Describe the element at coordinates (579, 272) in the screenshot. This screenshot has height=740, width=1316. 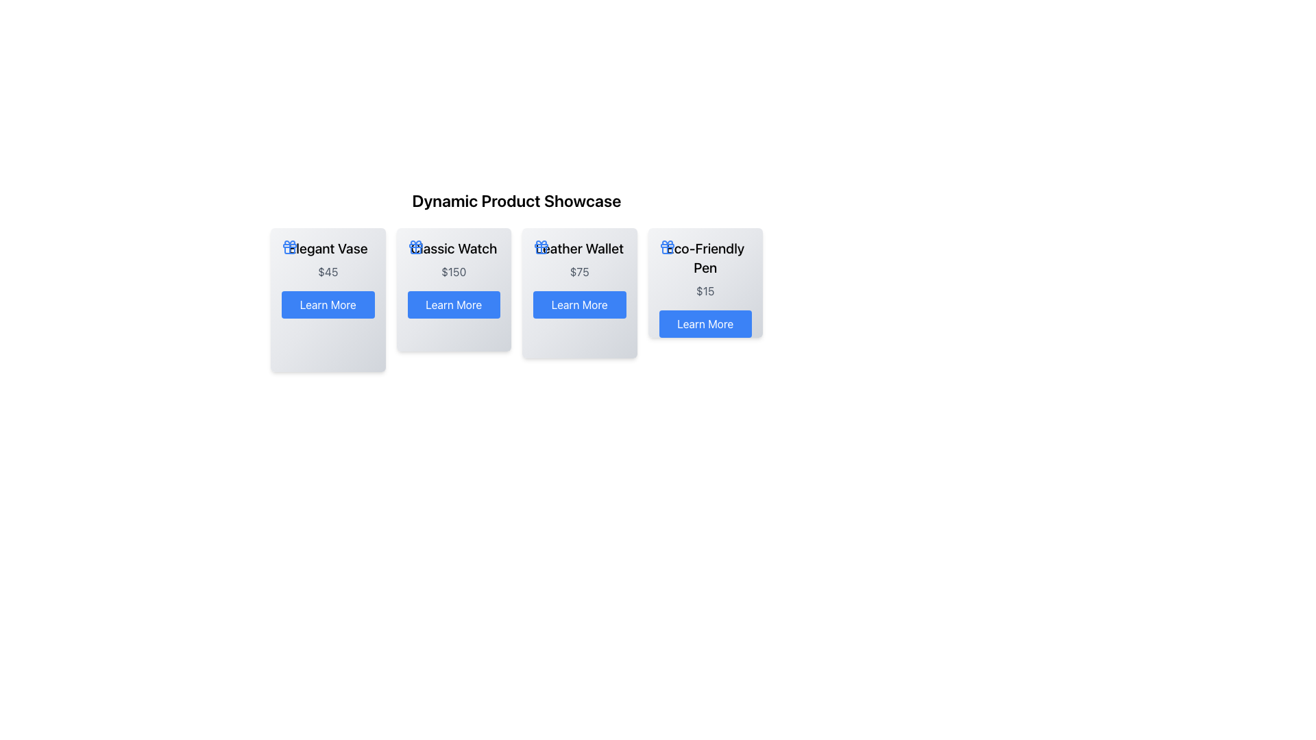
I see `the text label displaying '$75' located directly beneath the title 'Leather Wallet' in the third card of the product showcases` at that location.